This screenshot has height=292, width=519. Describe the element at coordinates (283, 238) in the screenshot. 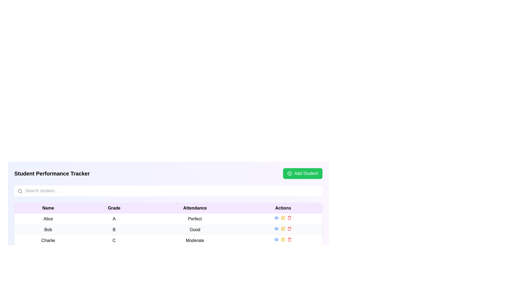

I see `the pen icon in the 'Actions' column for the student named 'Charlie', which is the second icon from the left` at that location.